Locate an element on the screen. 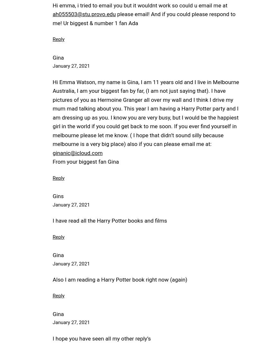 This screenshot has width=273, height=346. 'I have read all the Harry Potter books and films' is located at coordinates (52, 220).